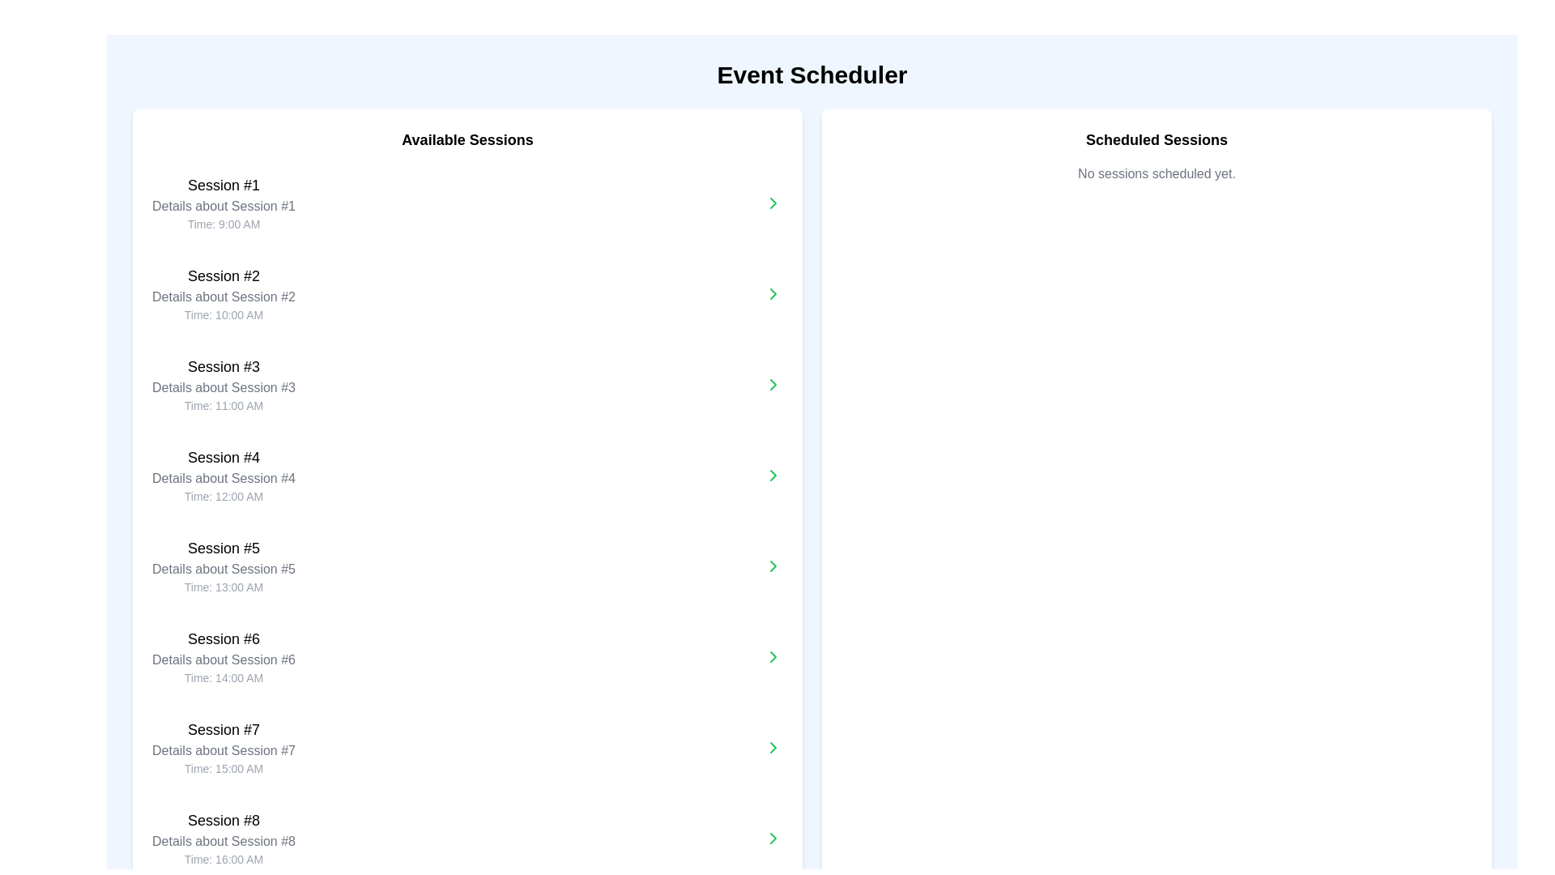 The height and width of the screenshot is (875, 1555). Describe the element at coordinates (223, 659) in the screenshot. I see `the descriptive text label located beneath the main title 'Session #6' in the 'Available Sessions' section` at that location.